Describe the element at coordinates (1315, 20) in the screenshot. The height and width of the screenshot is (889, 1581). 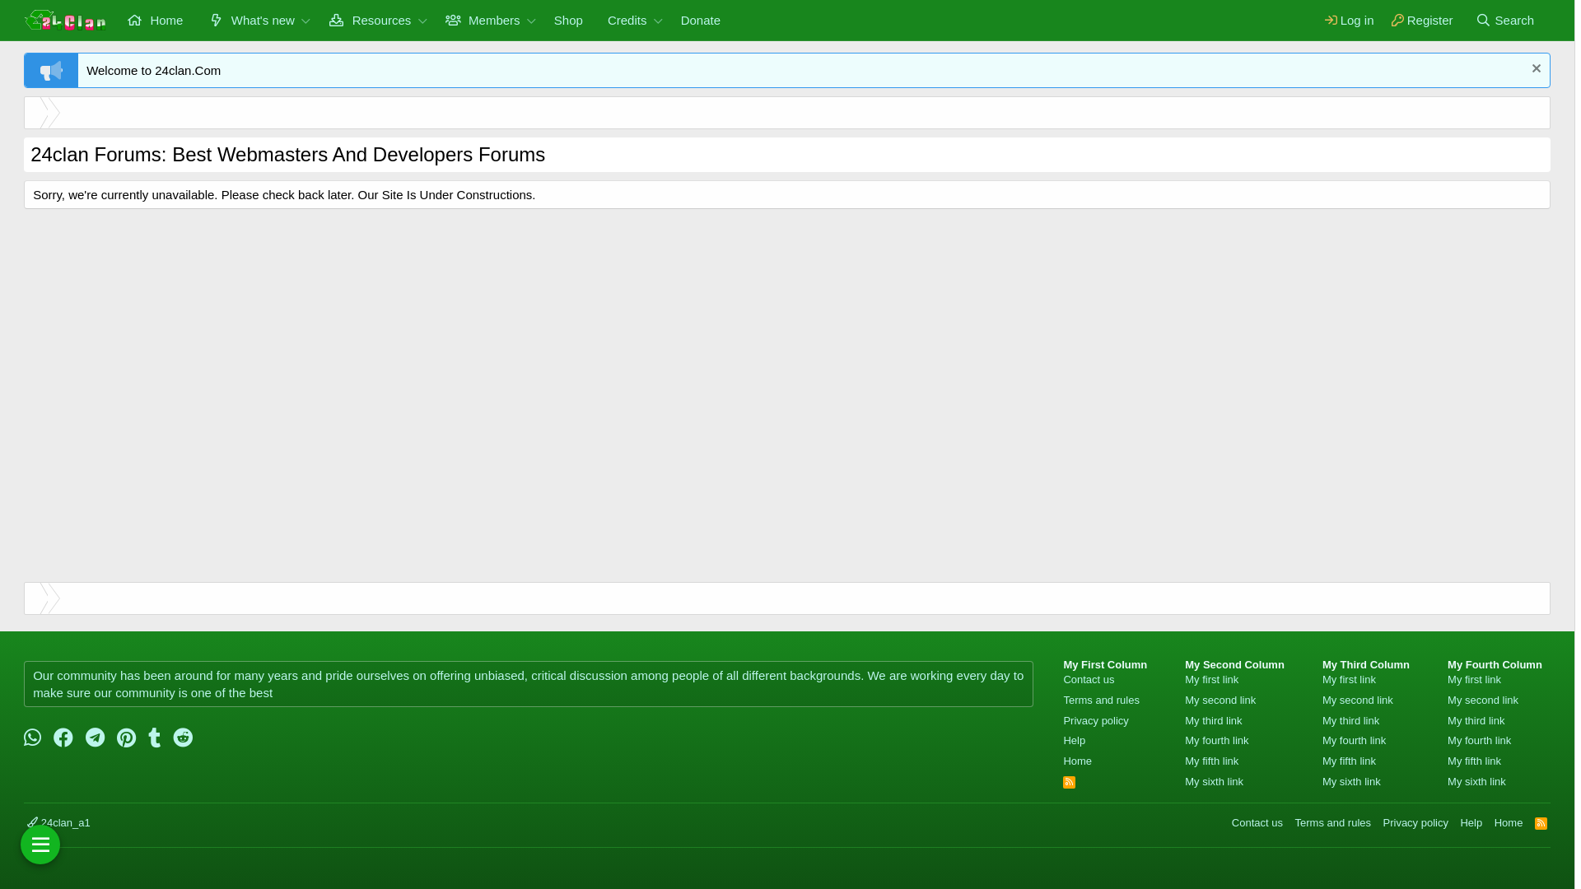
I see `'Log in'` at that location.